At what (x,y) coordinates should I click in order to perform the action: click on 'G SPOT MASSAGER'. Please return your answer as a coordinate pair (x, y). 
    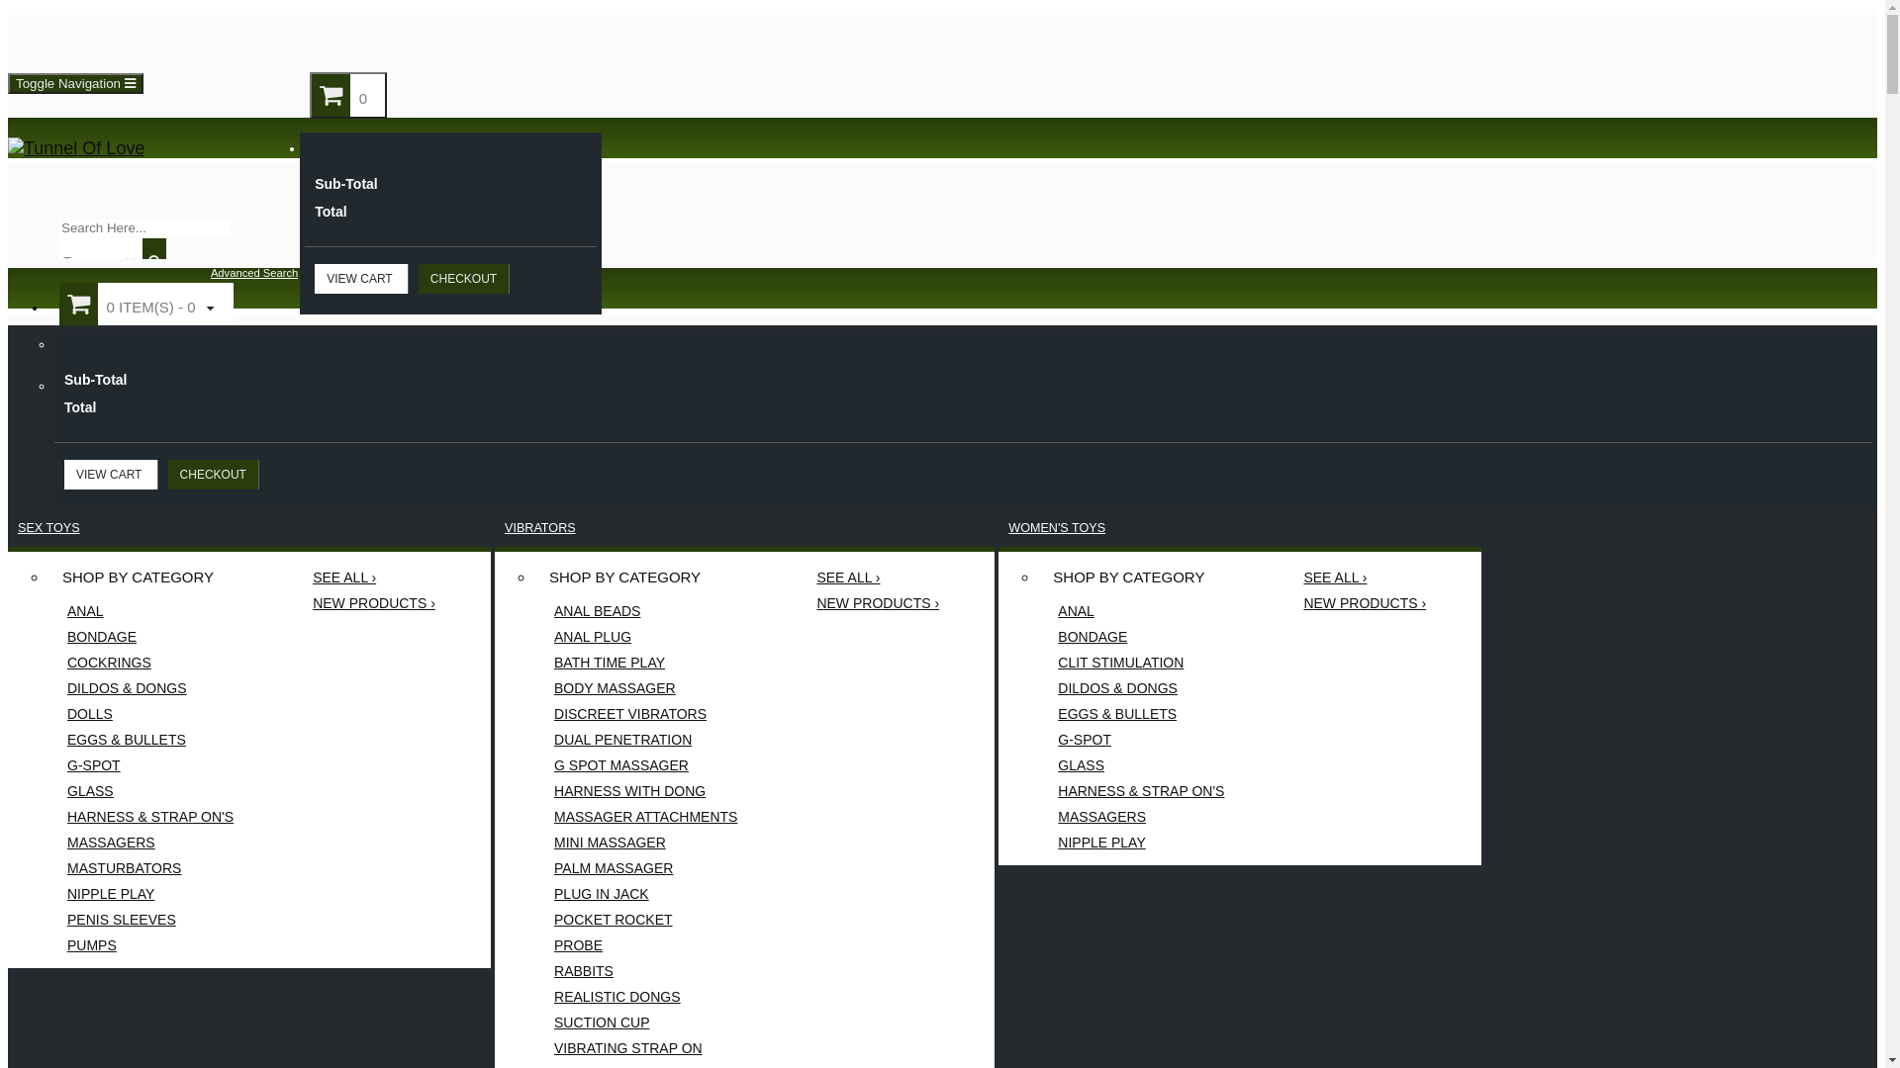
    Looking at the image, I should click on (645, 764).